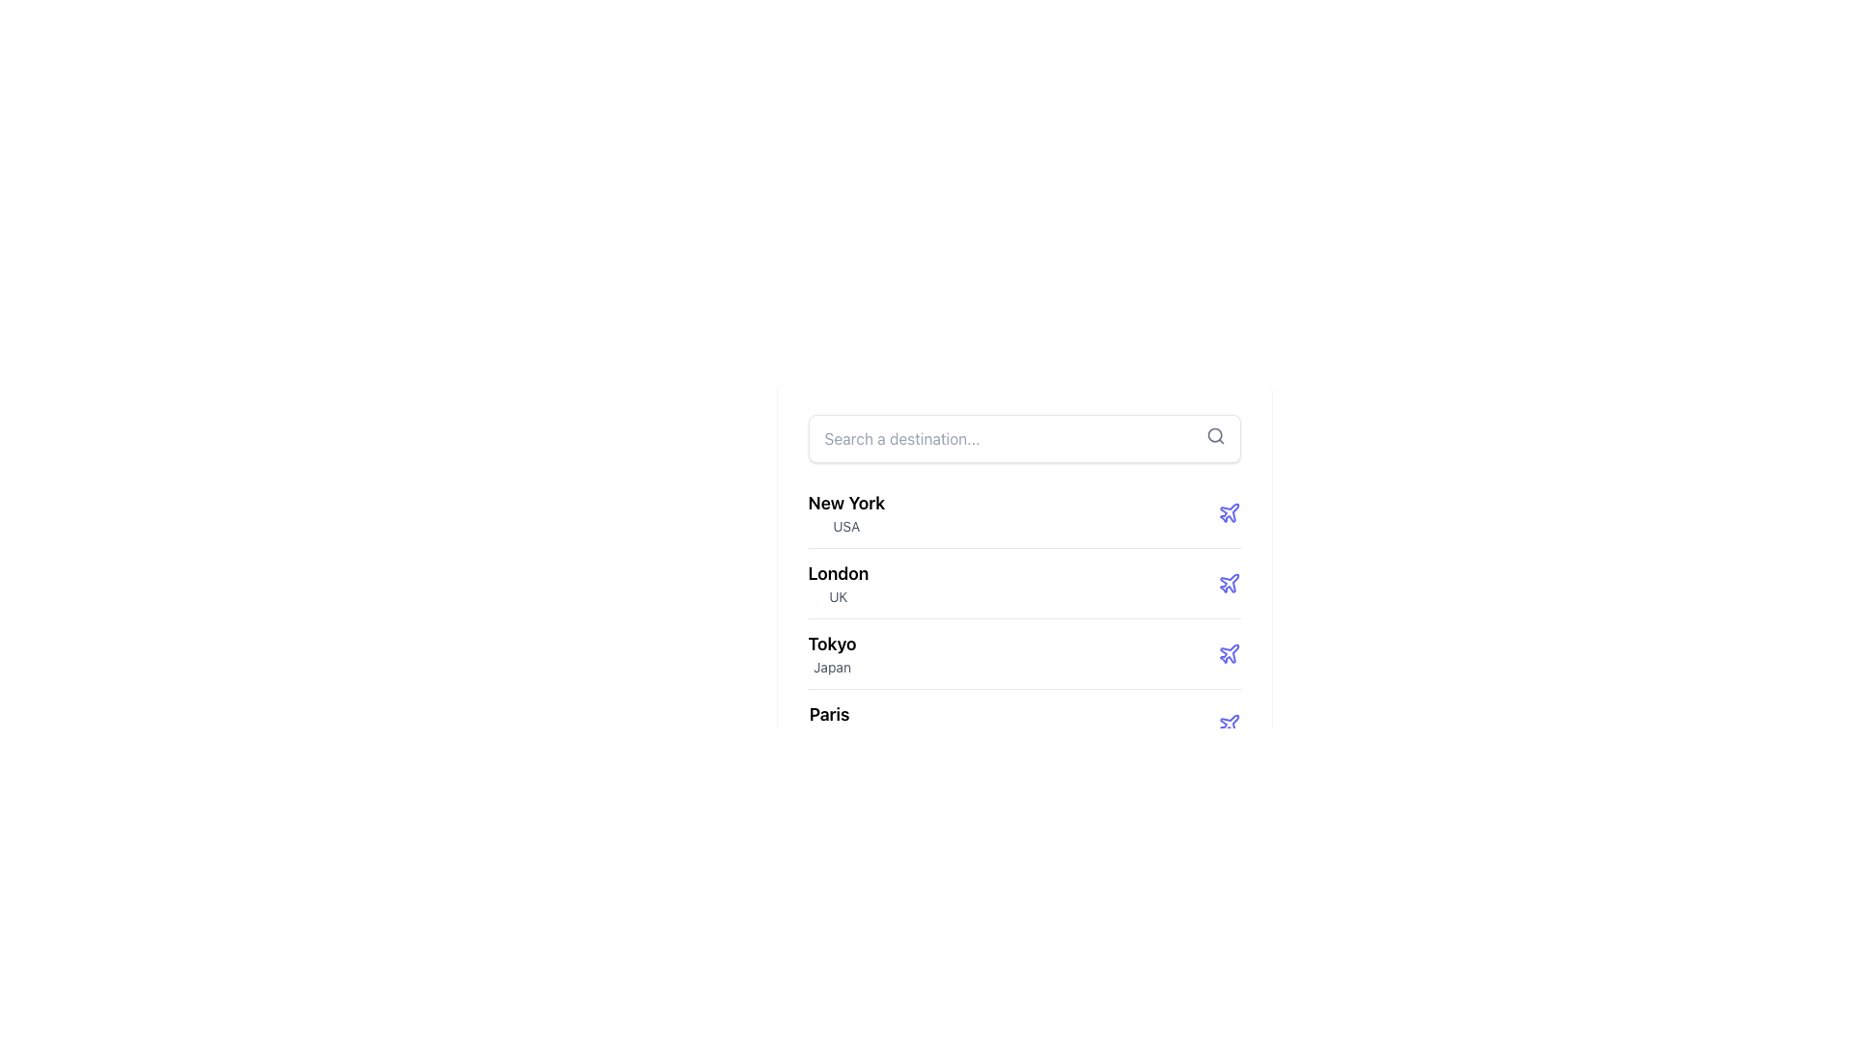 Image resolution: width=1853 pixels, height=1042 pixels. I want to click on the fourth item in the location entry list, which is positioned below 'Tokyo' and above 'Sydney', so click(1023, 724).